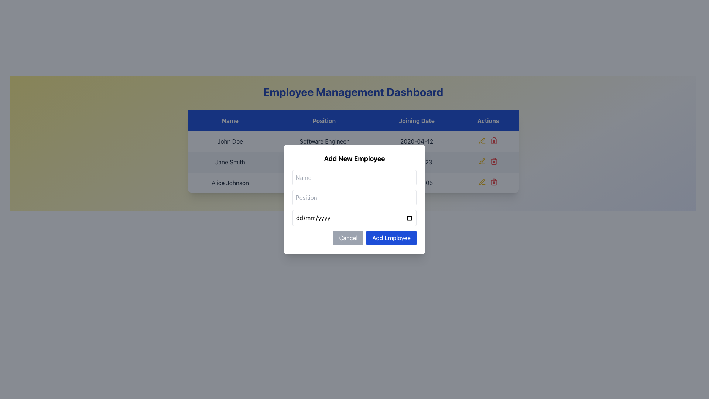  I want to click on the pen icon button in the 'Actions' column of the first row in the 'Employee Management Dashboard' to initiate an edit action, so click(482, 141).